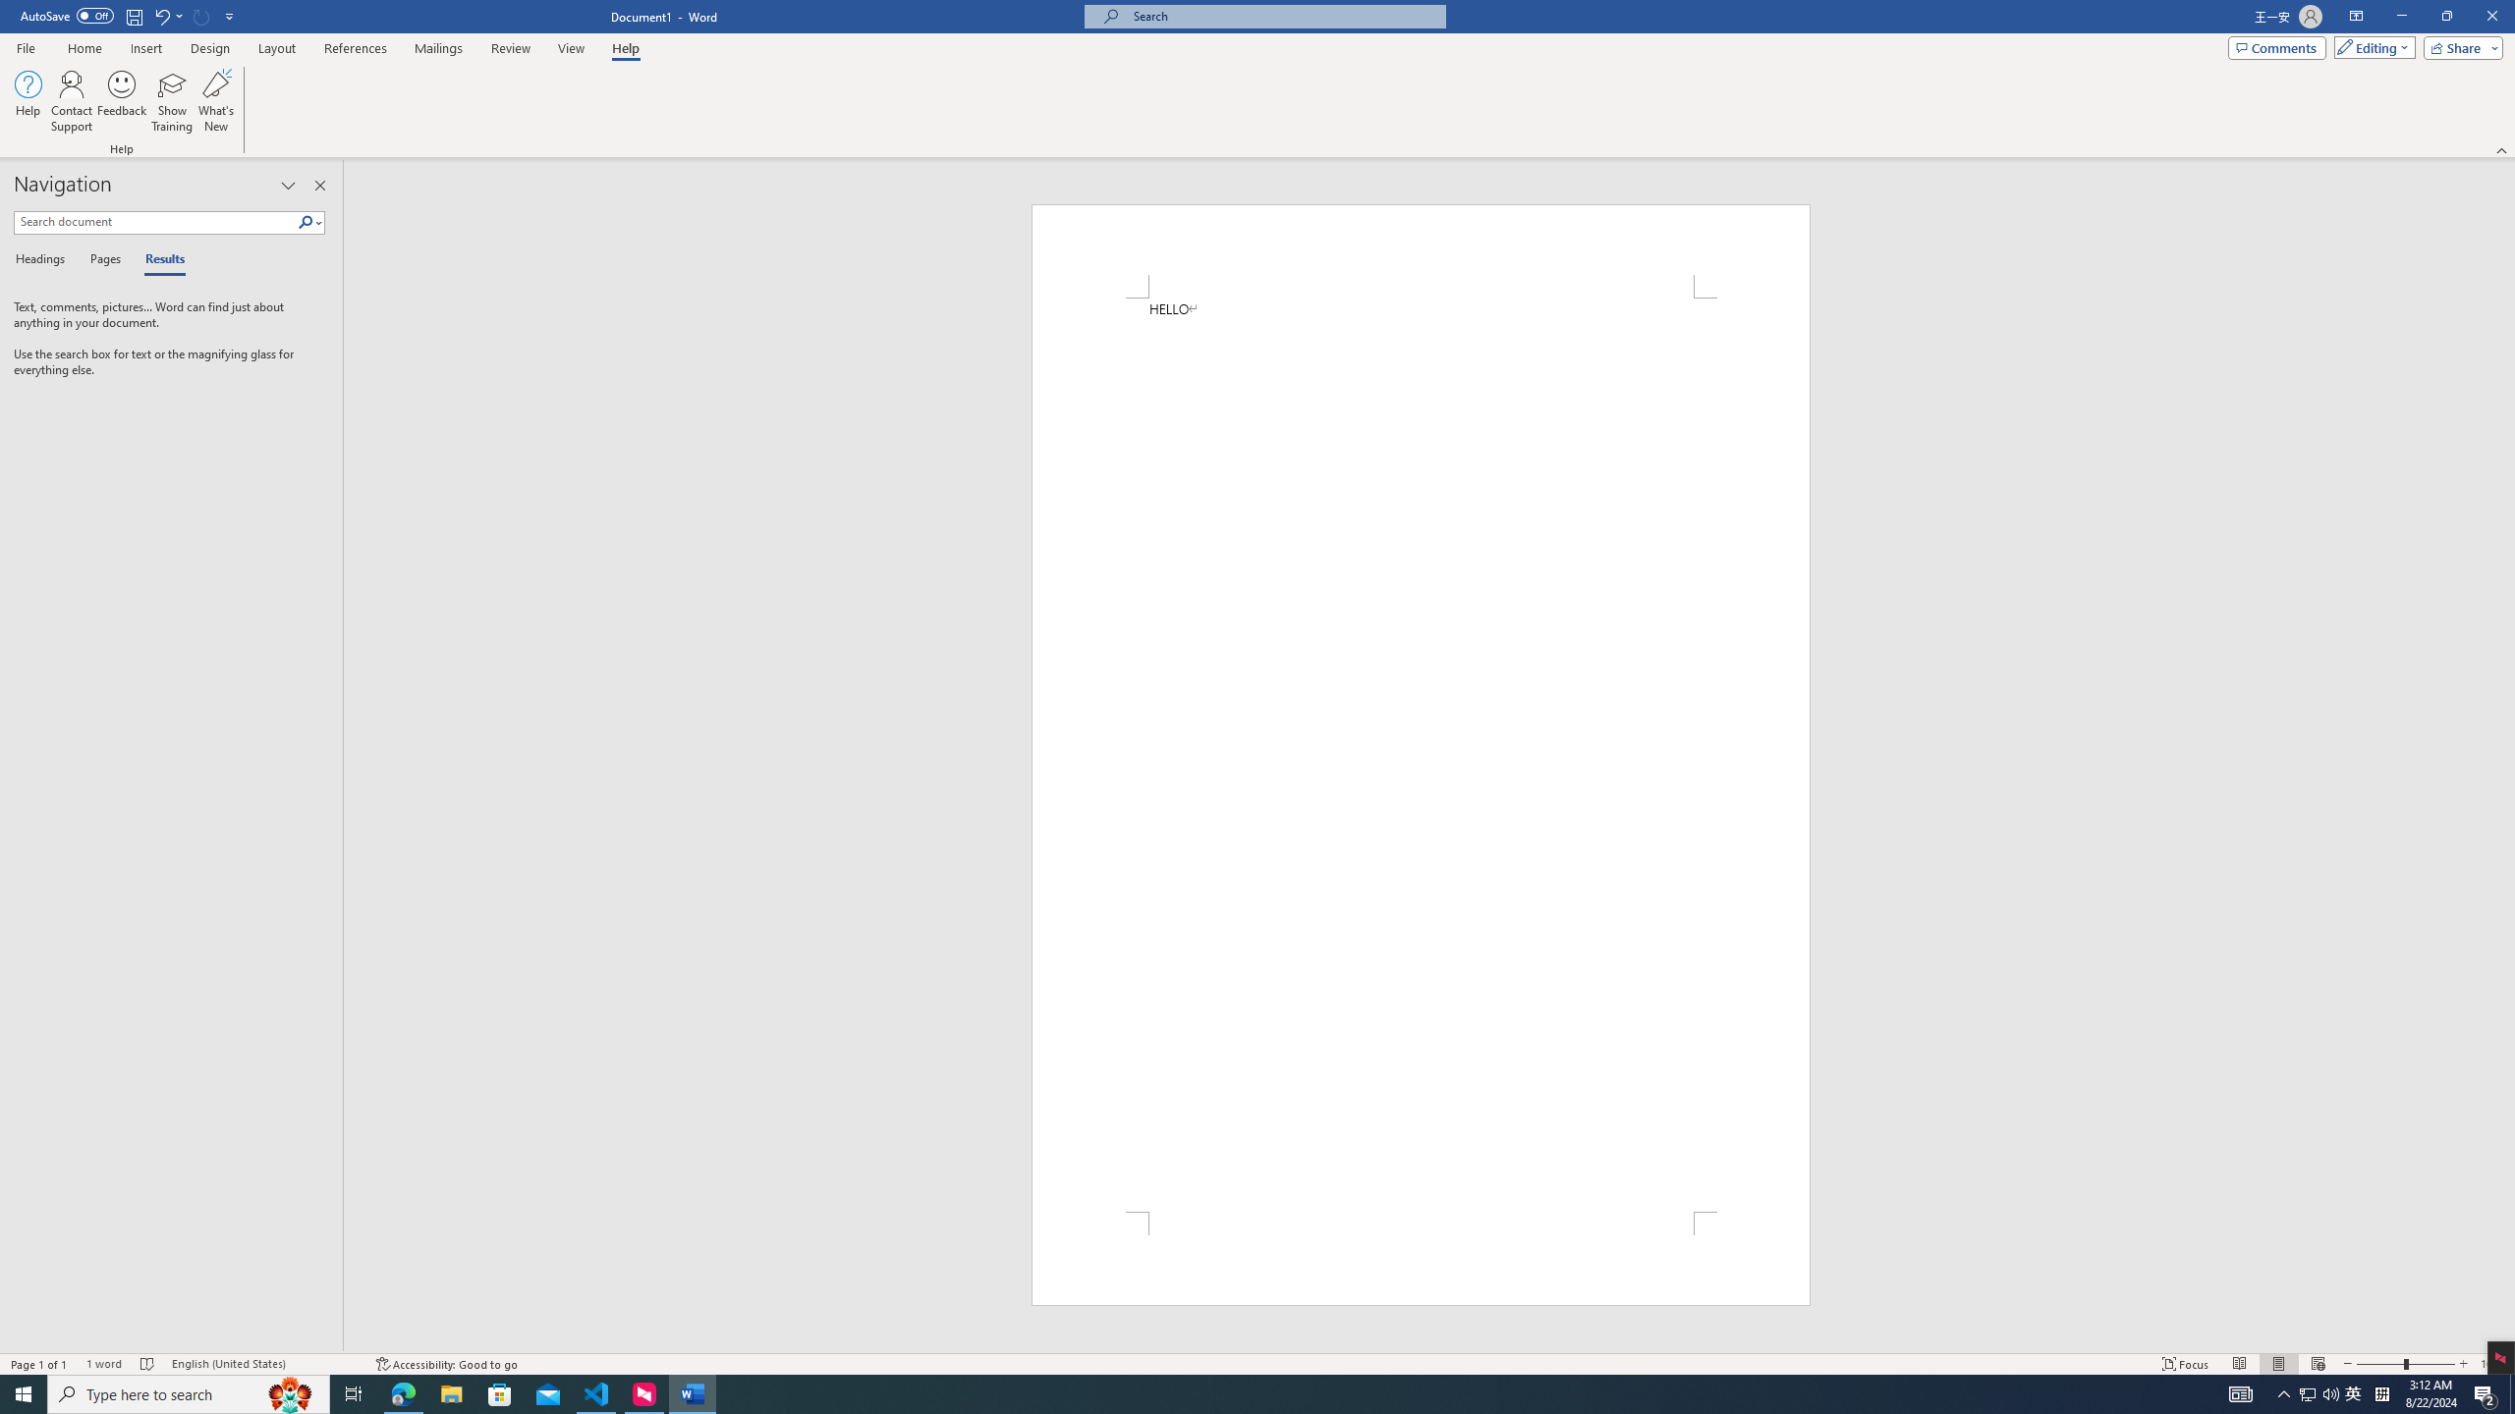 The image size is (2515, 1414). What do you see at coordinates (2446, 16) in the screenshot?
I see `'Restore Down'` at bounding box center [2446, 16].